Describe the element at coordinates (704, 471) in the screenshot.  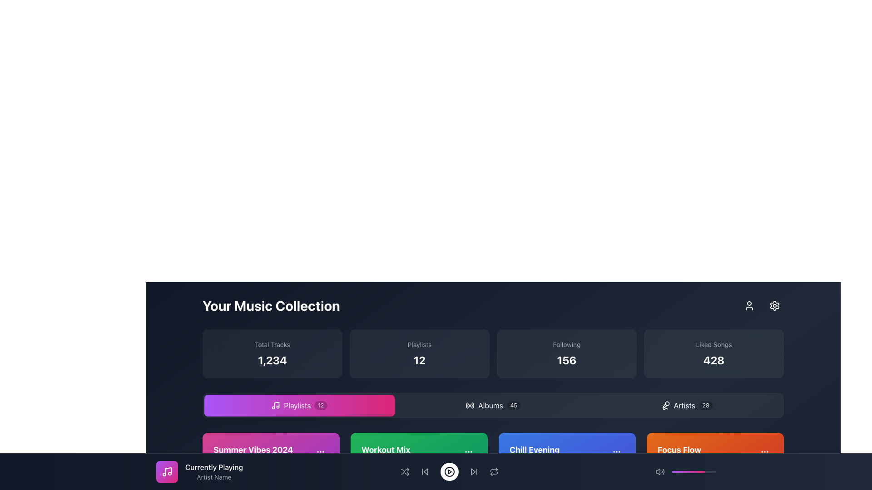
I see `progress` at that location.